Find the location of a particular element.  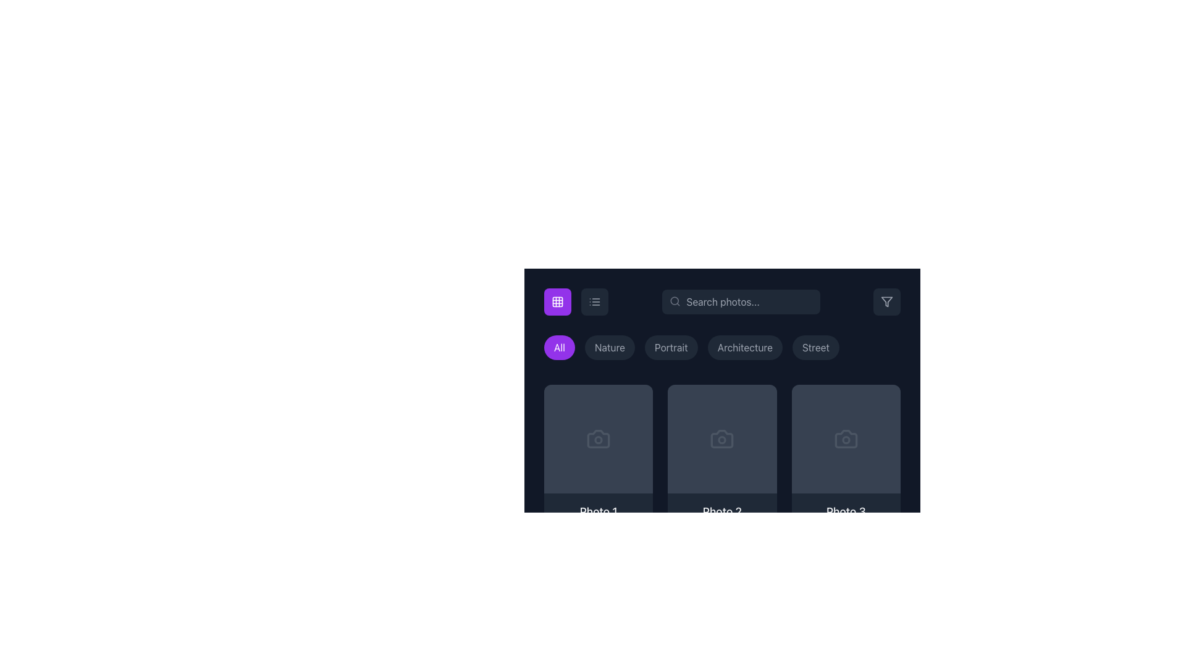

the first square button with a rounded purple background and a white grid icon inside is located at coordinates (557, 302).